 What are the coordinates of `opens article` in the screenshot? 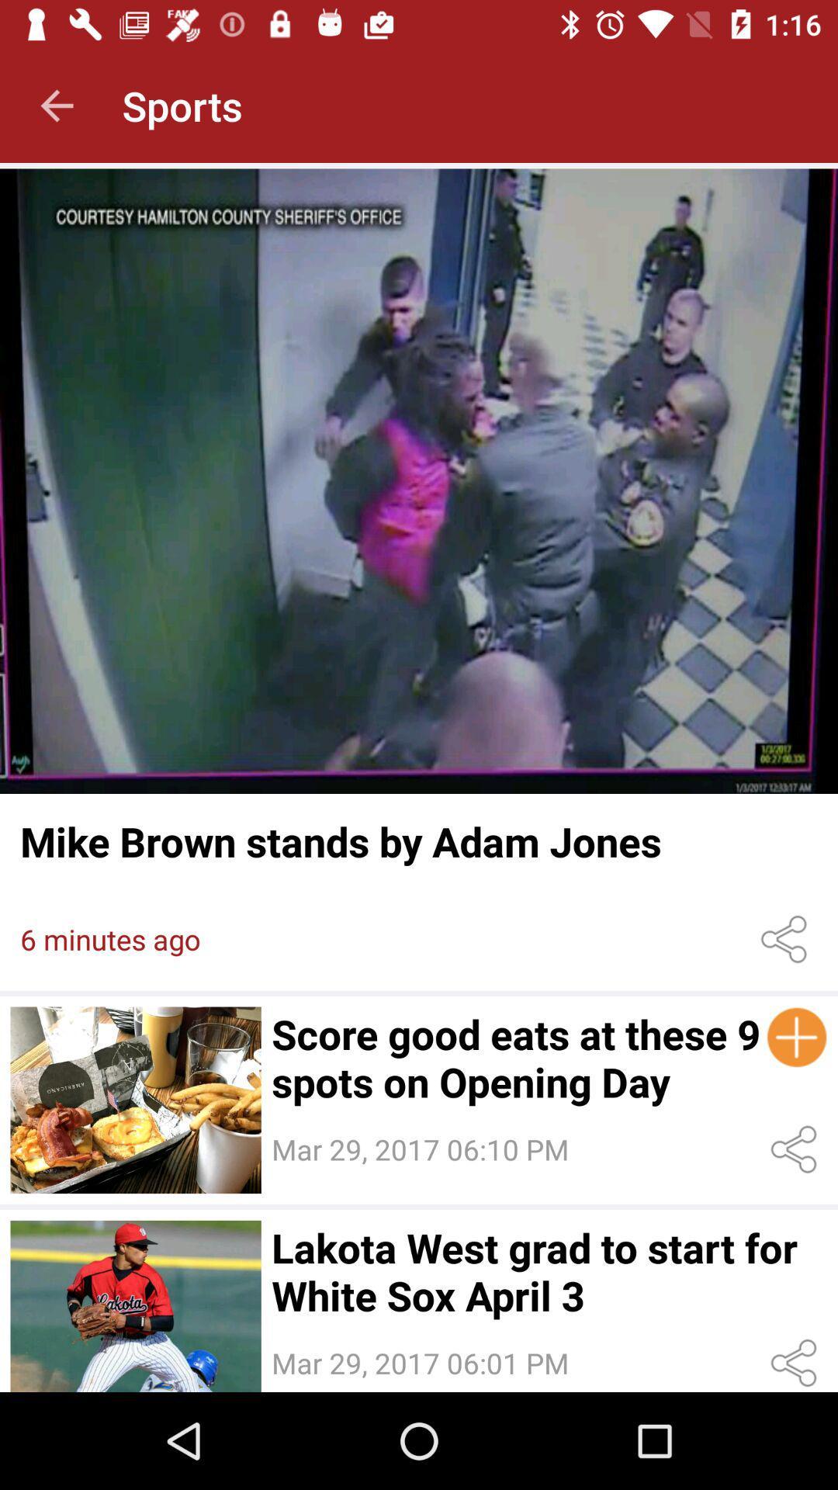 It's located at (135, 1099).